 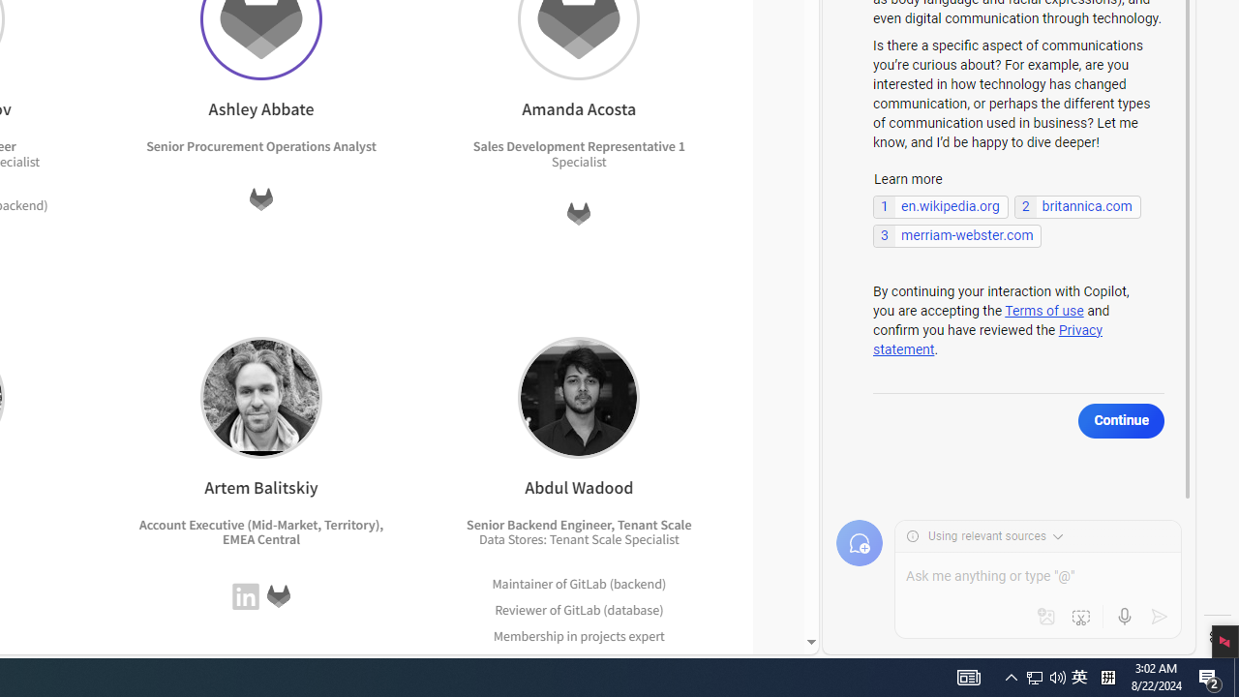 What do you see at coordinates (259, 396) in the screenshot?
I see `'Artem Balitskiy'` at bounding box center [259, 396].